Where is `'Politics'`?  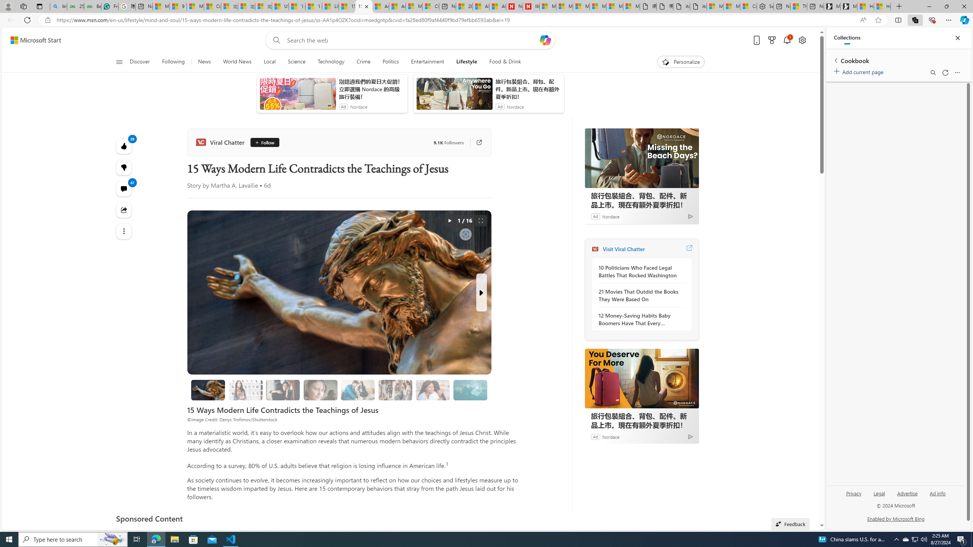
'Politics' is located at coordinates (390, 62).